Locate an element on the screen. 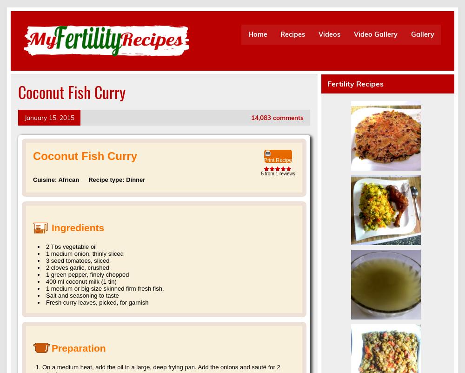  'Print Recipe' is located at coordinates (277, 160).